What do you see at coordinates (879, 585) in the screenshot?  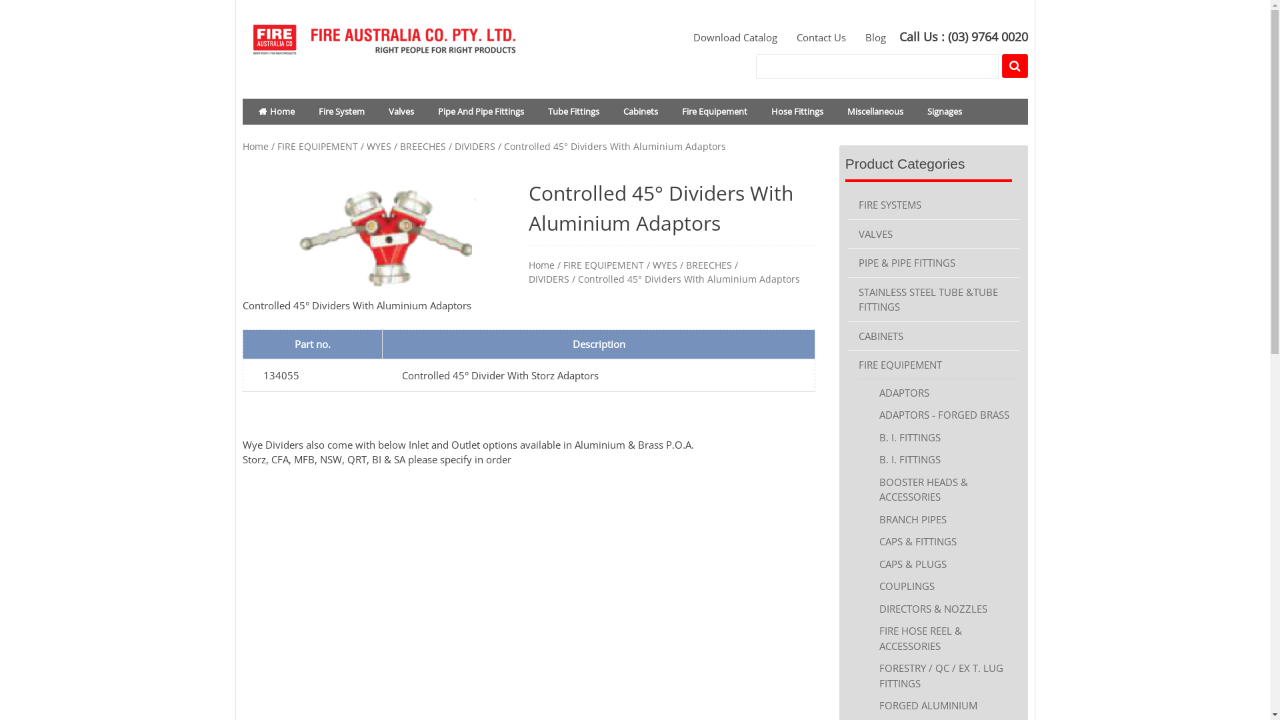 I see `'COUPLINGS'` at bounding box center [879, 585].